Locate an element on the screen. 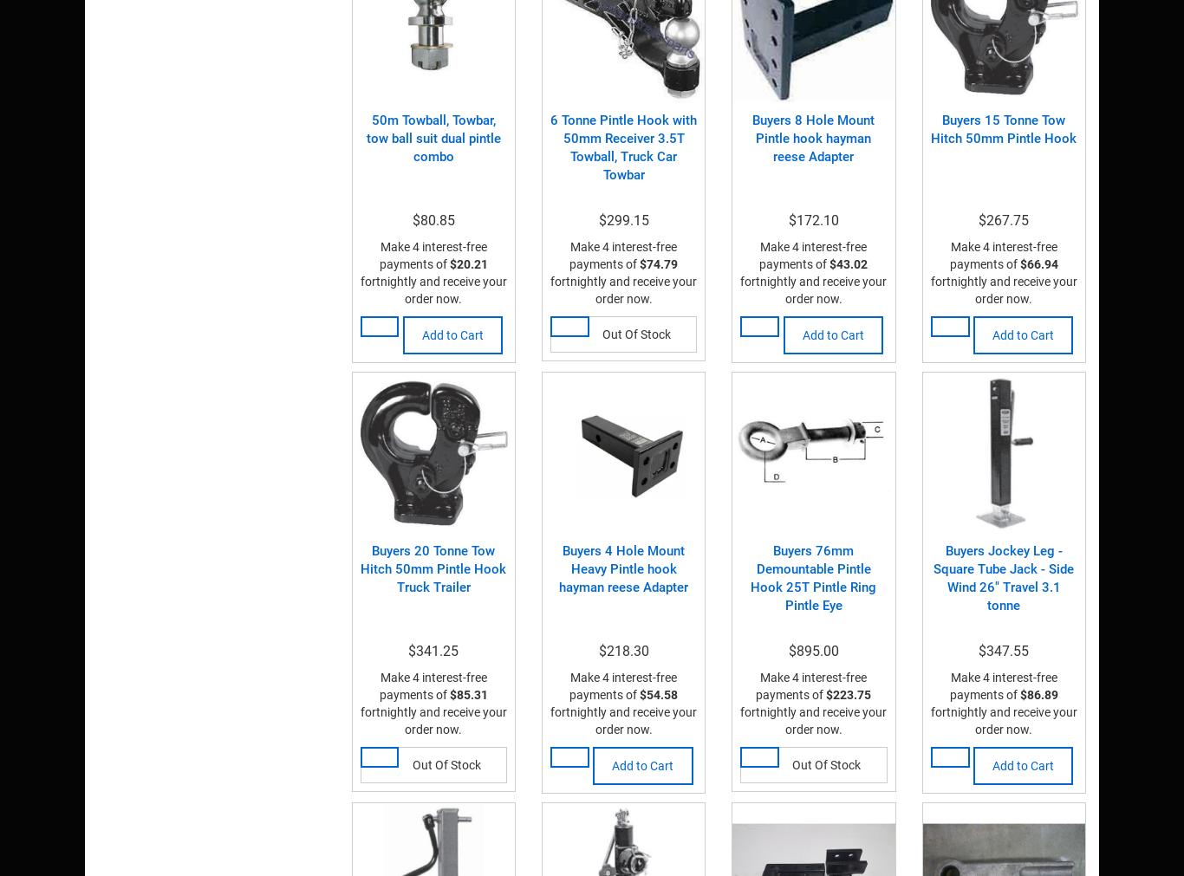 This screenshot has height=876, width=1184. '$85.31' is located at coordinates (467, 694).